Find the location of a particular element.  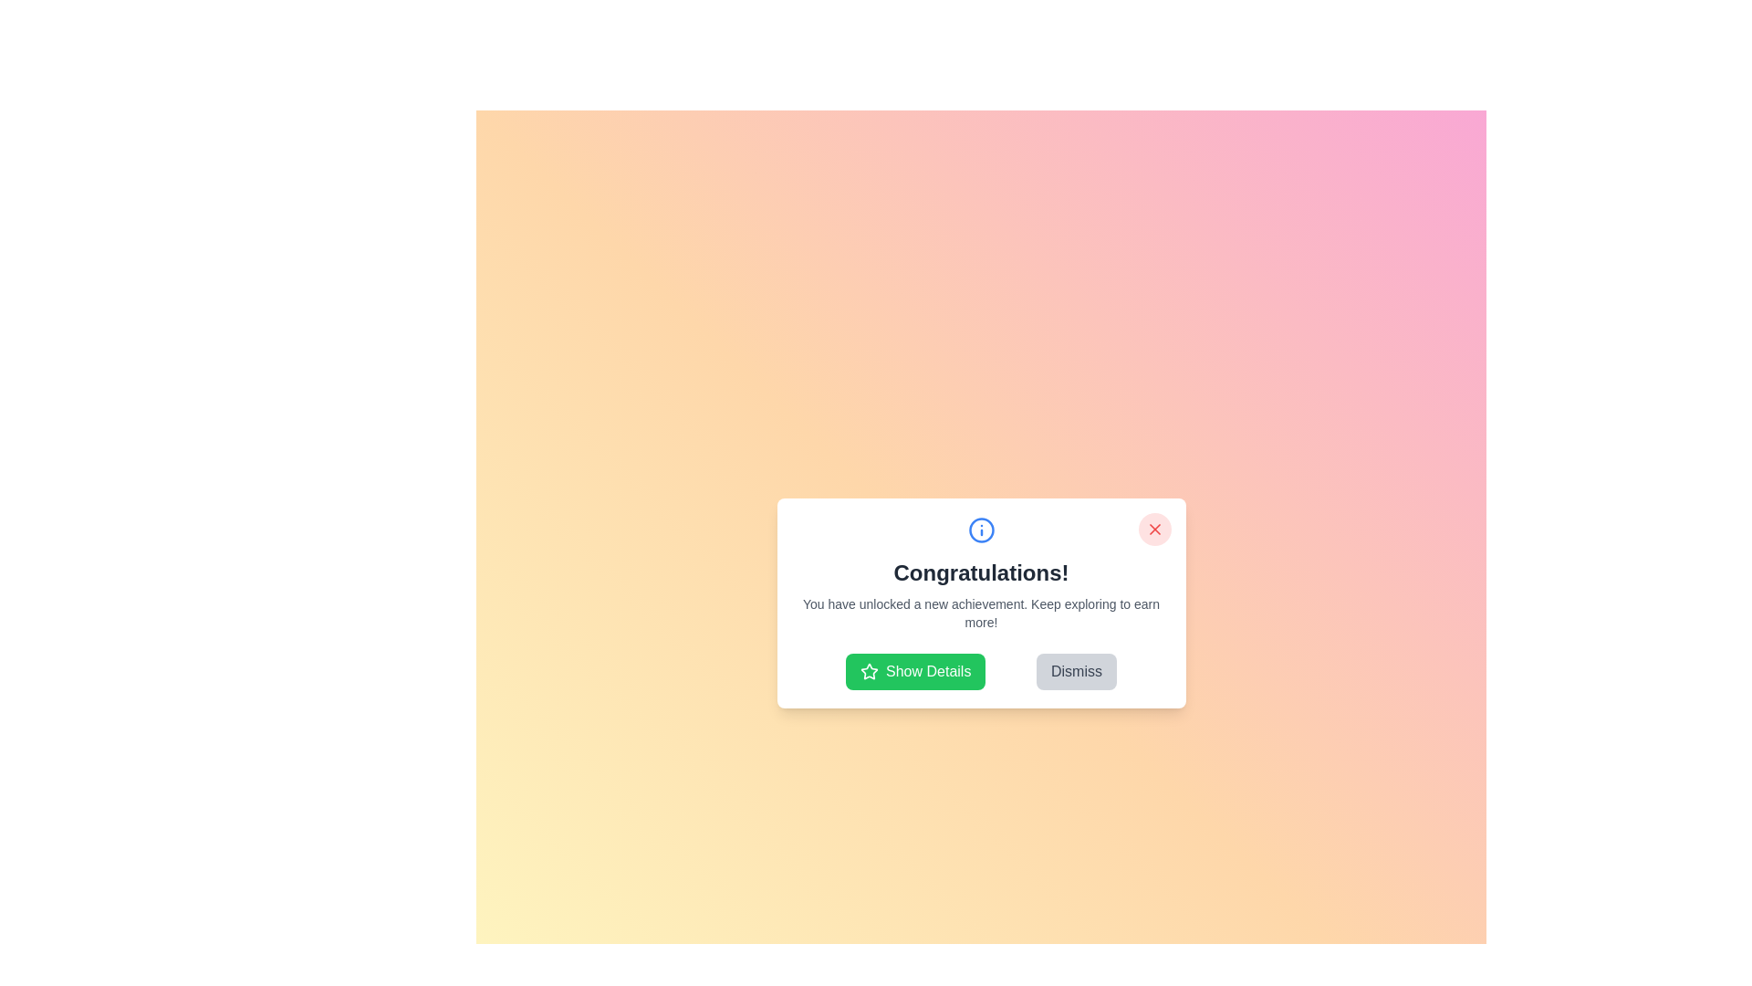

the 'Dismiss' button to close the dialog is located at coordinates (1077, 672).